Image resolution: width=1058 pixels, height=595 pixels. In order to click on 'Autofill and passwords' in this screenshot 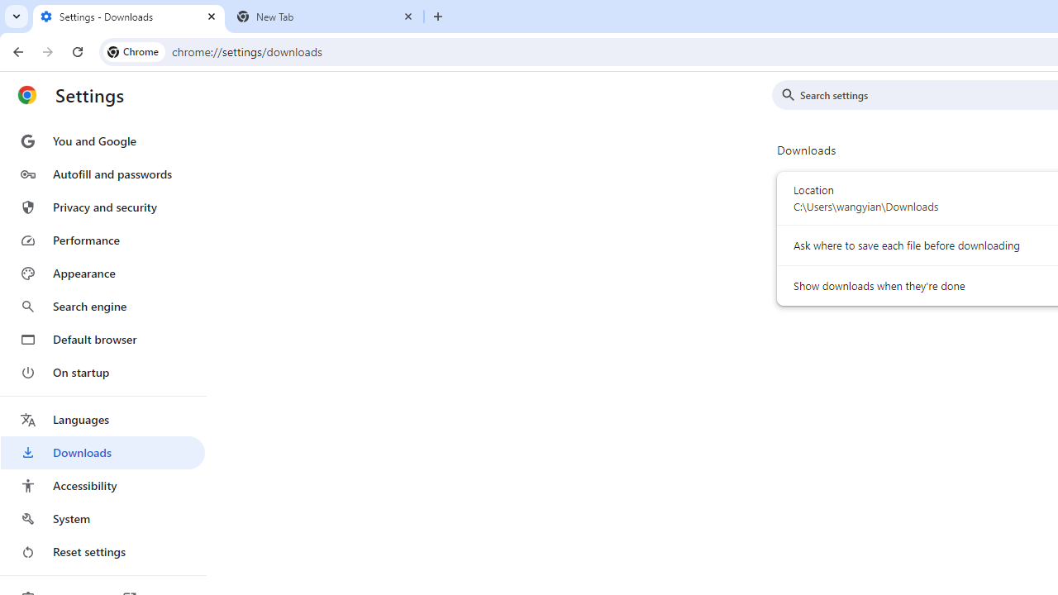, I will do `click(102, 174)`.